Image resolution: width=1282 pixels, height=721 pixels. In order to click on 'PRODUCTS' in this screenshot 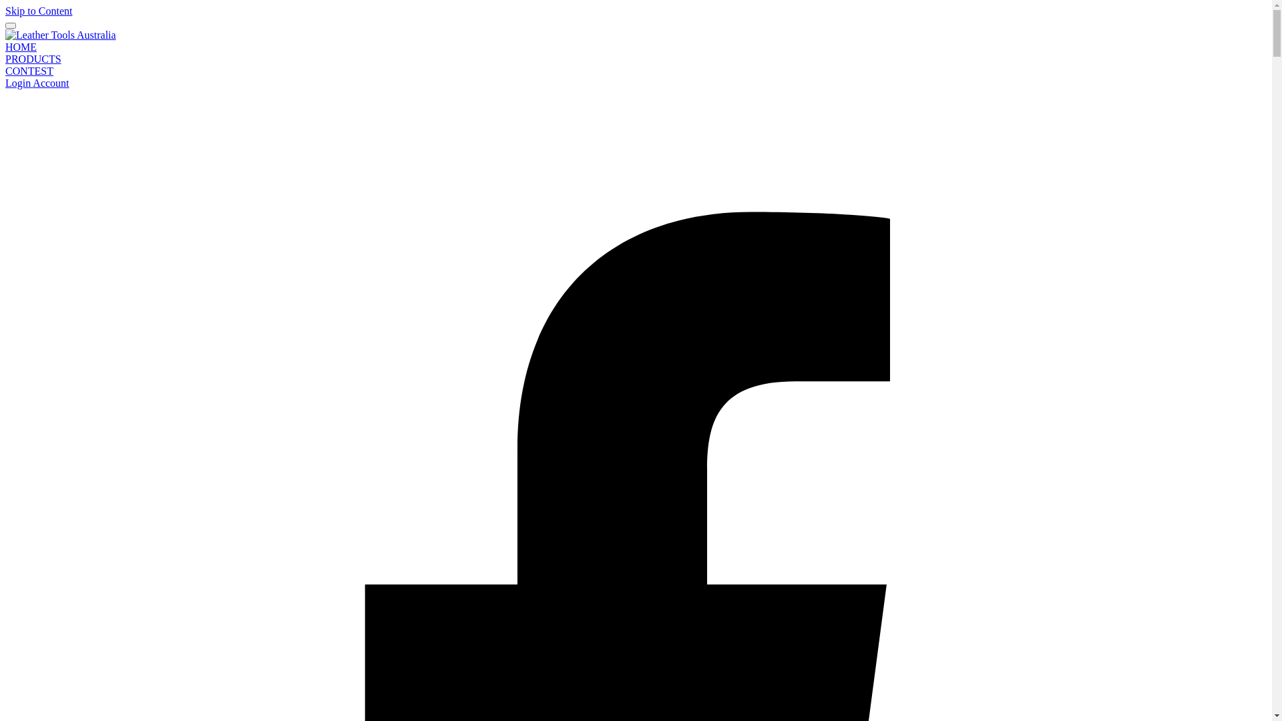, I will do `click(33, 58)`.